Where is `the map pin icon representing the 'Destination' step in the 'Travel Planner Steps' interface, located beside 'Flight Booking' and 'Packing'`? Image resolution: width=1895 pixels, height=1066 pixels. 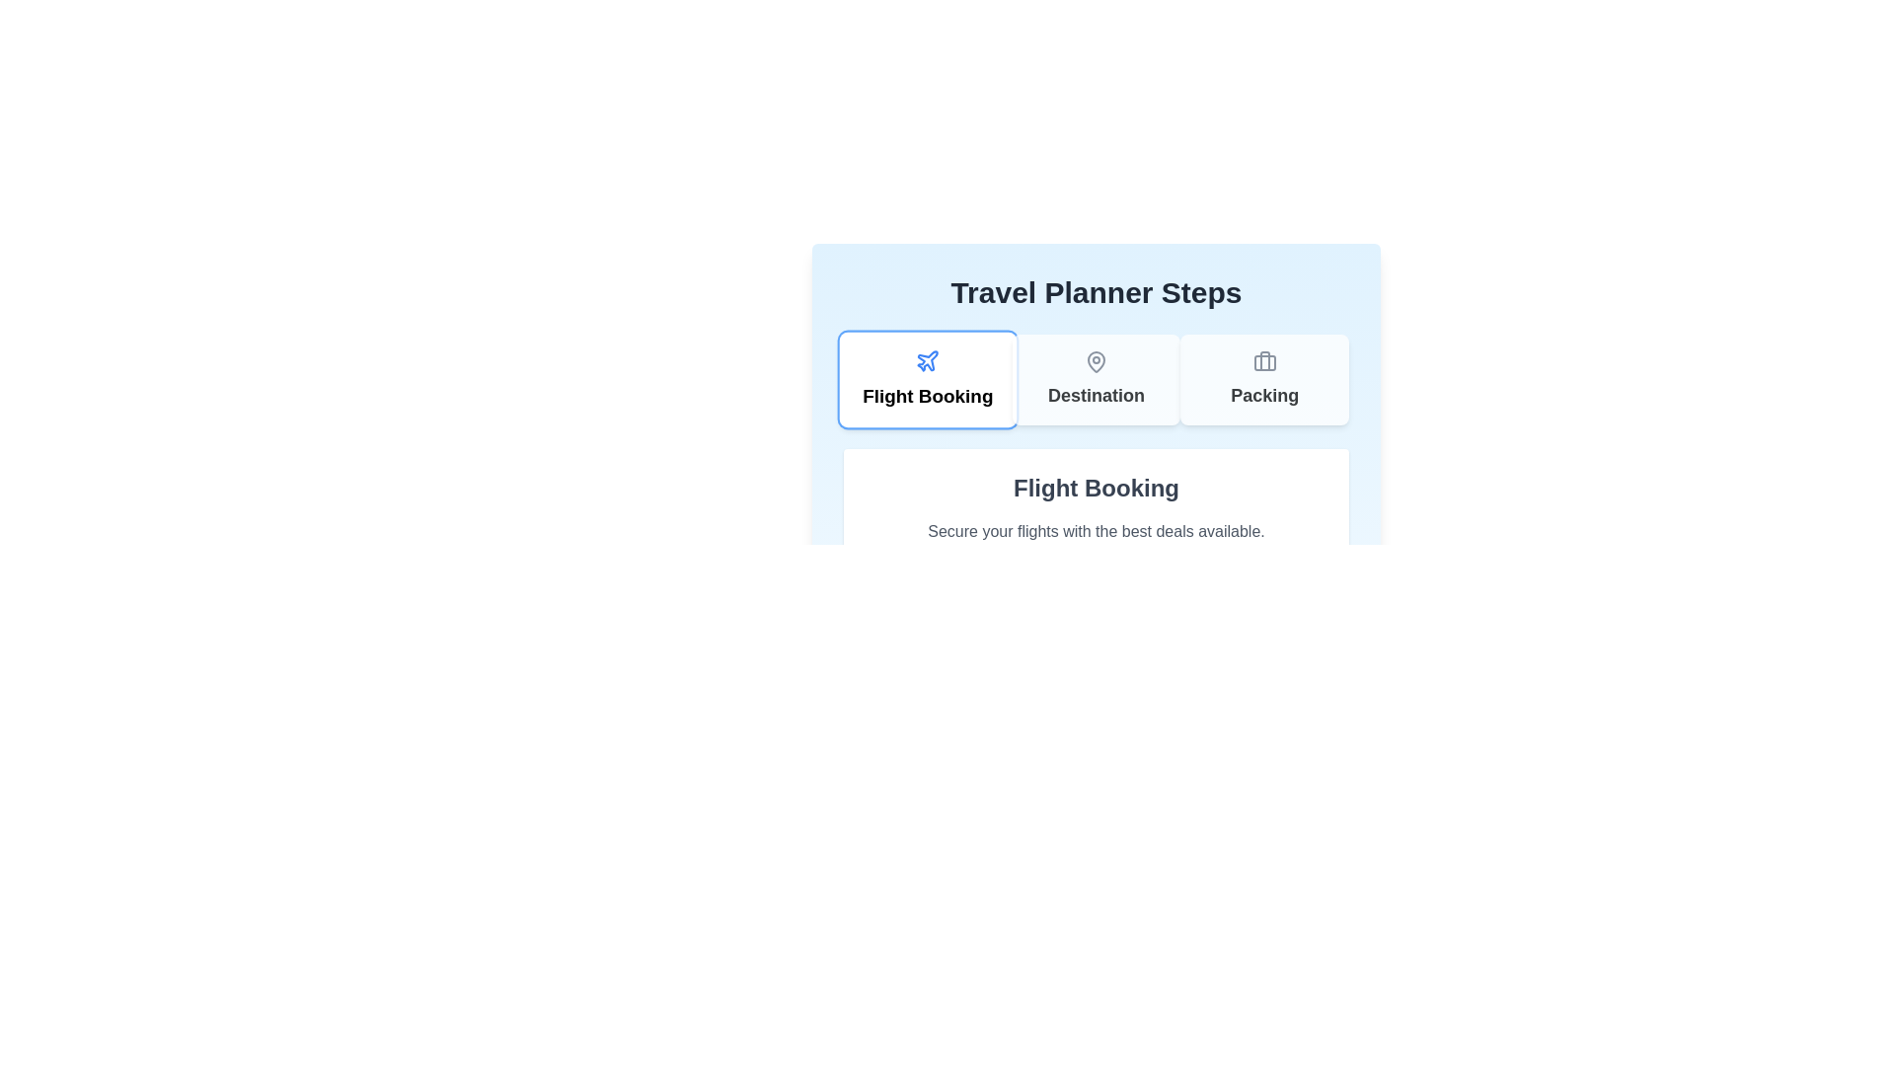 the map pin icon representing the 'Destination' step in the 'Travel Planner Steps' interface, located beside 'Flight Booking' and 'Packing' is located at coordinates (1095, 361).